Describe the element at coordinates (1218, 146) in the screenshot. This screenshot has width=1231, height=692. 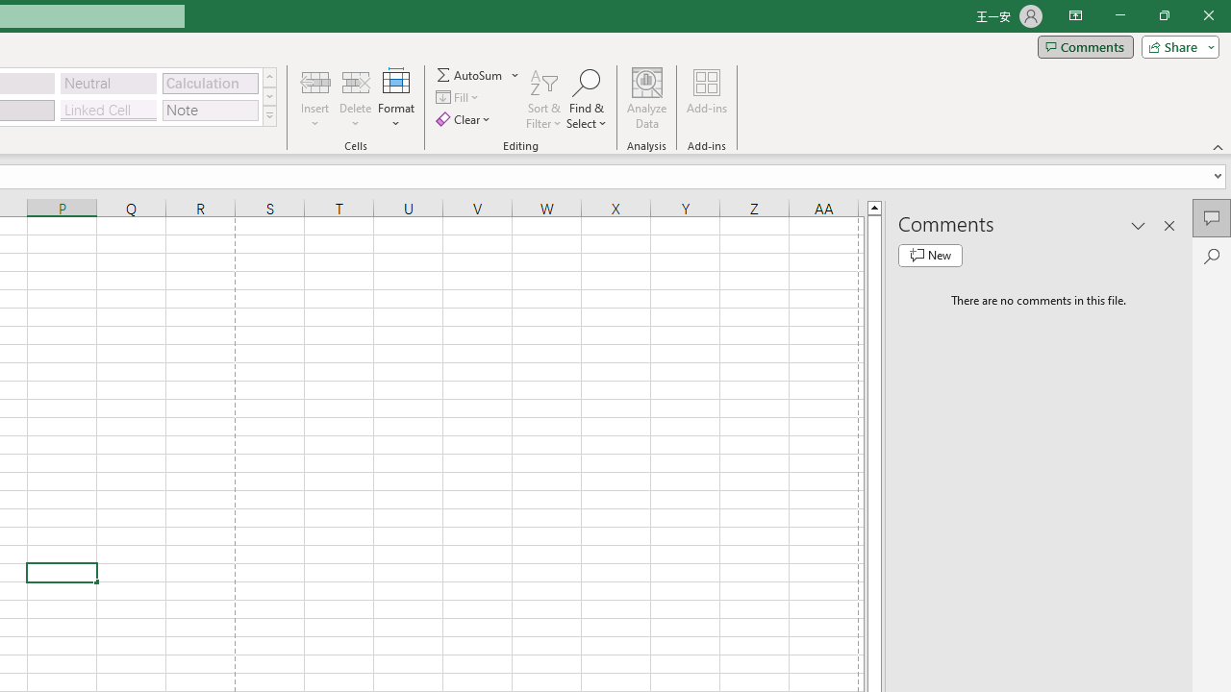
I see `'Collapse the Ribbon'` at that location.